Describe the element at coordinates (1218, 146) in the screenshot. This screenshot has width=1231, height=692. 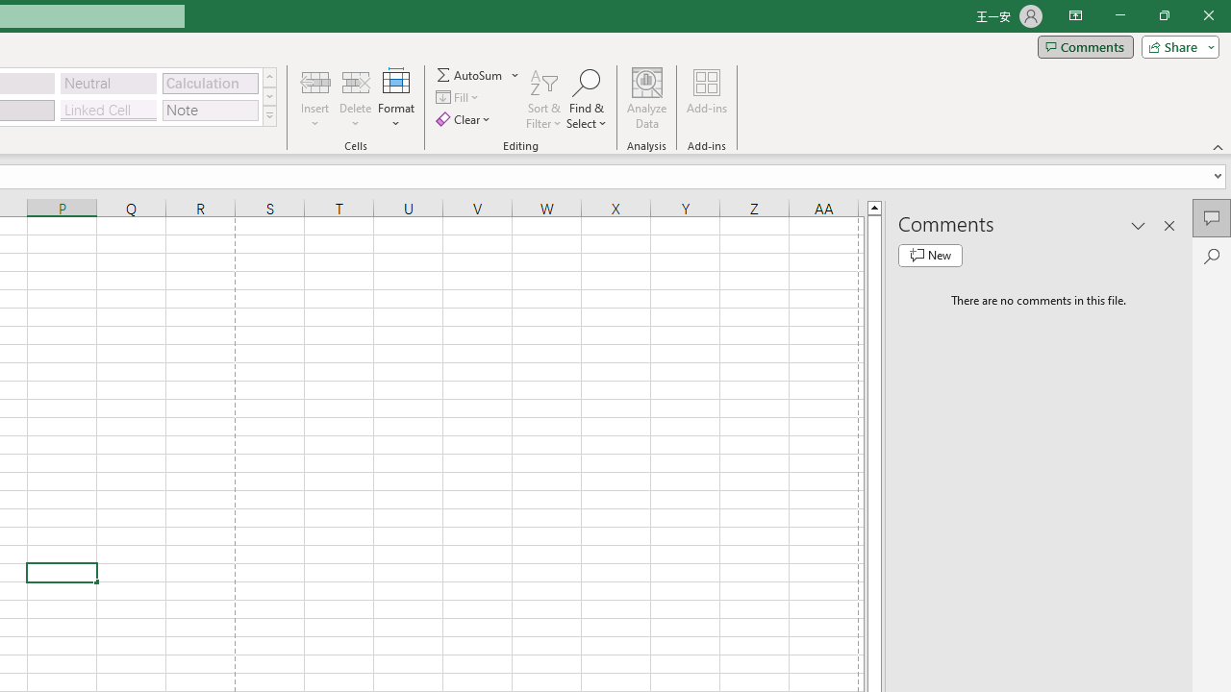
I see `'Collapse the Ribbon'` at that location.